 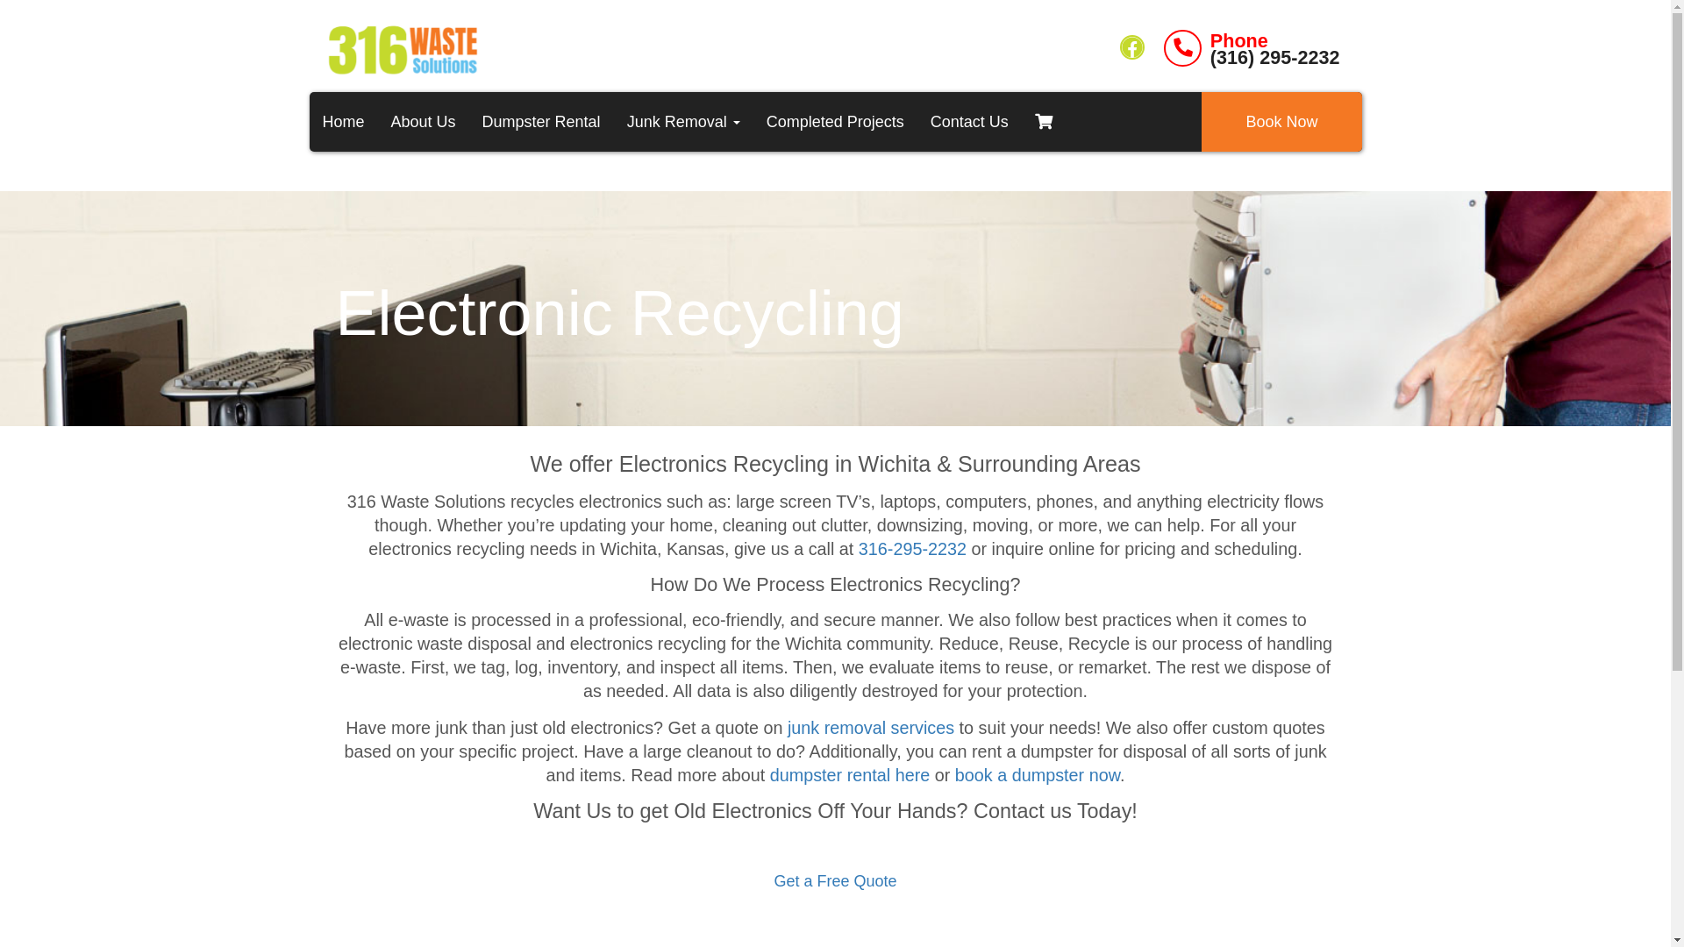 I want to click on 'Get a Free Quote', so click(x=833, y=881).